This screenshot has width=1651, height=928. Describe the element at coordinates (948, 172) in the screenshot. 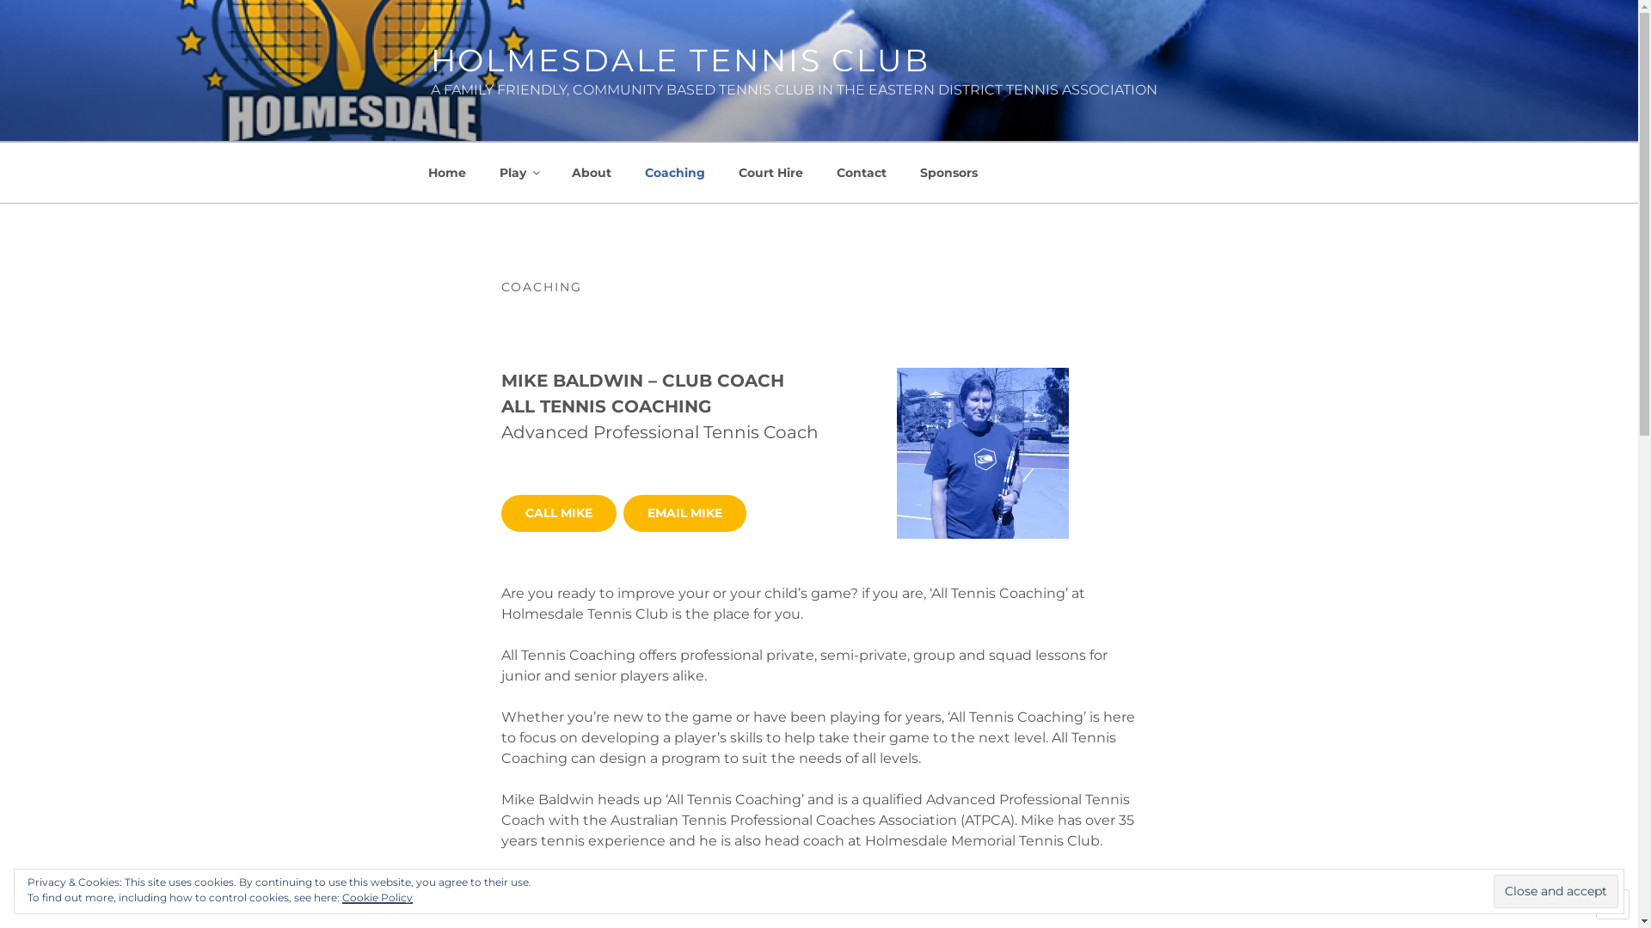

I see `'Sponsors'` at that location.